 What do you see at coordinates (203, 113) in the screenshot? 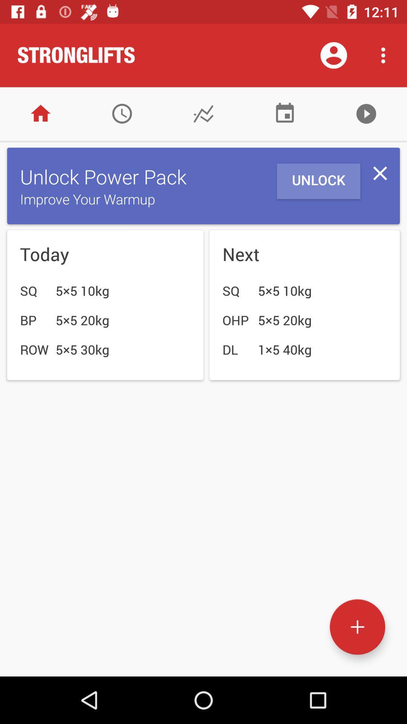
I see `status check` at bounding box center [203, 113].